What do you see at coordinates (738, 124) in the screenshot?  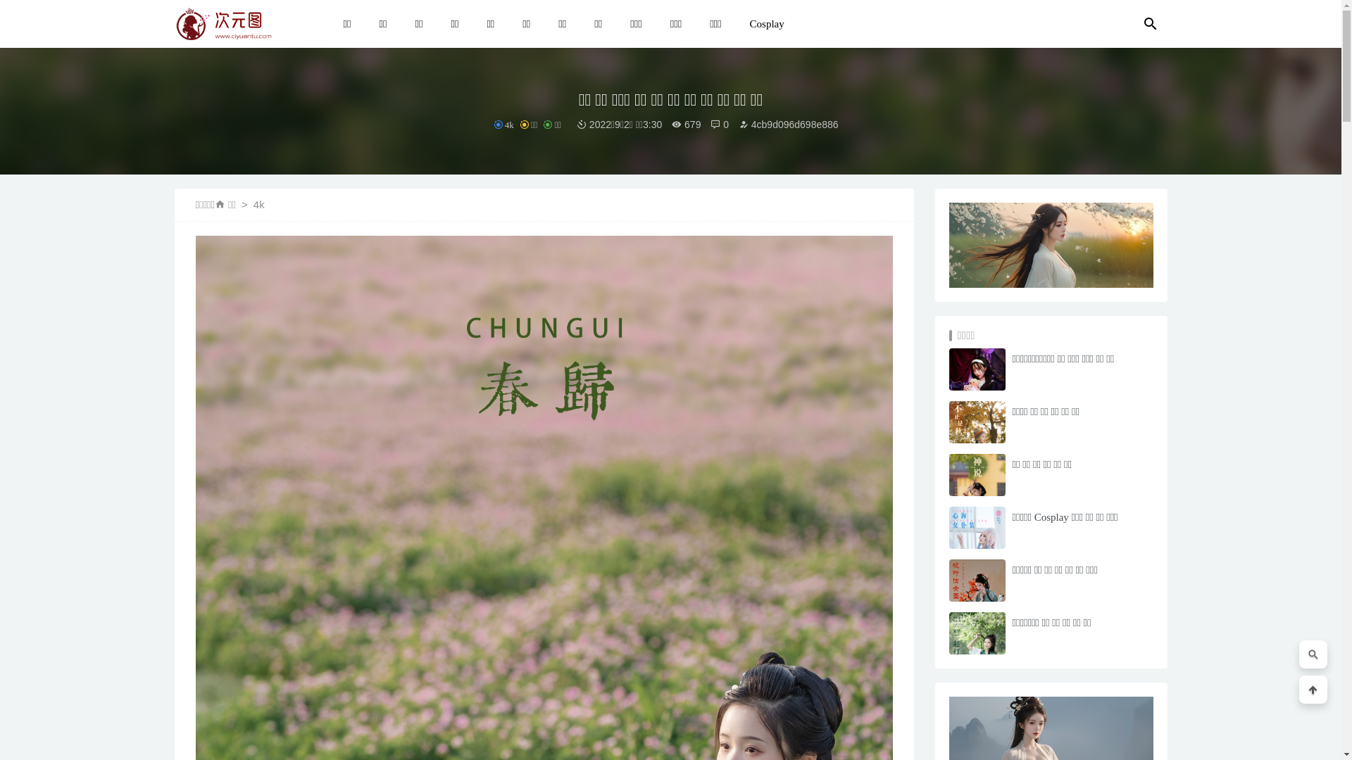 I see `'4cb9d096d698e886'` at bounding box center [738, 124].